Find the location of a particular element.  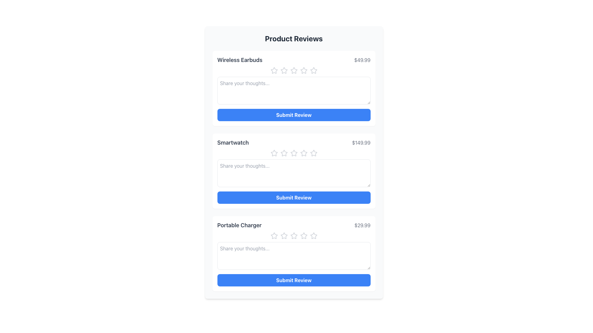

text from the main title or header of the 'Product Reviews' section, which is centrally positioned at the top of the component is located at coordinates (293, 38).